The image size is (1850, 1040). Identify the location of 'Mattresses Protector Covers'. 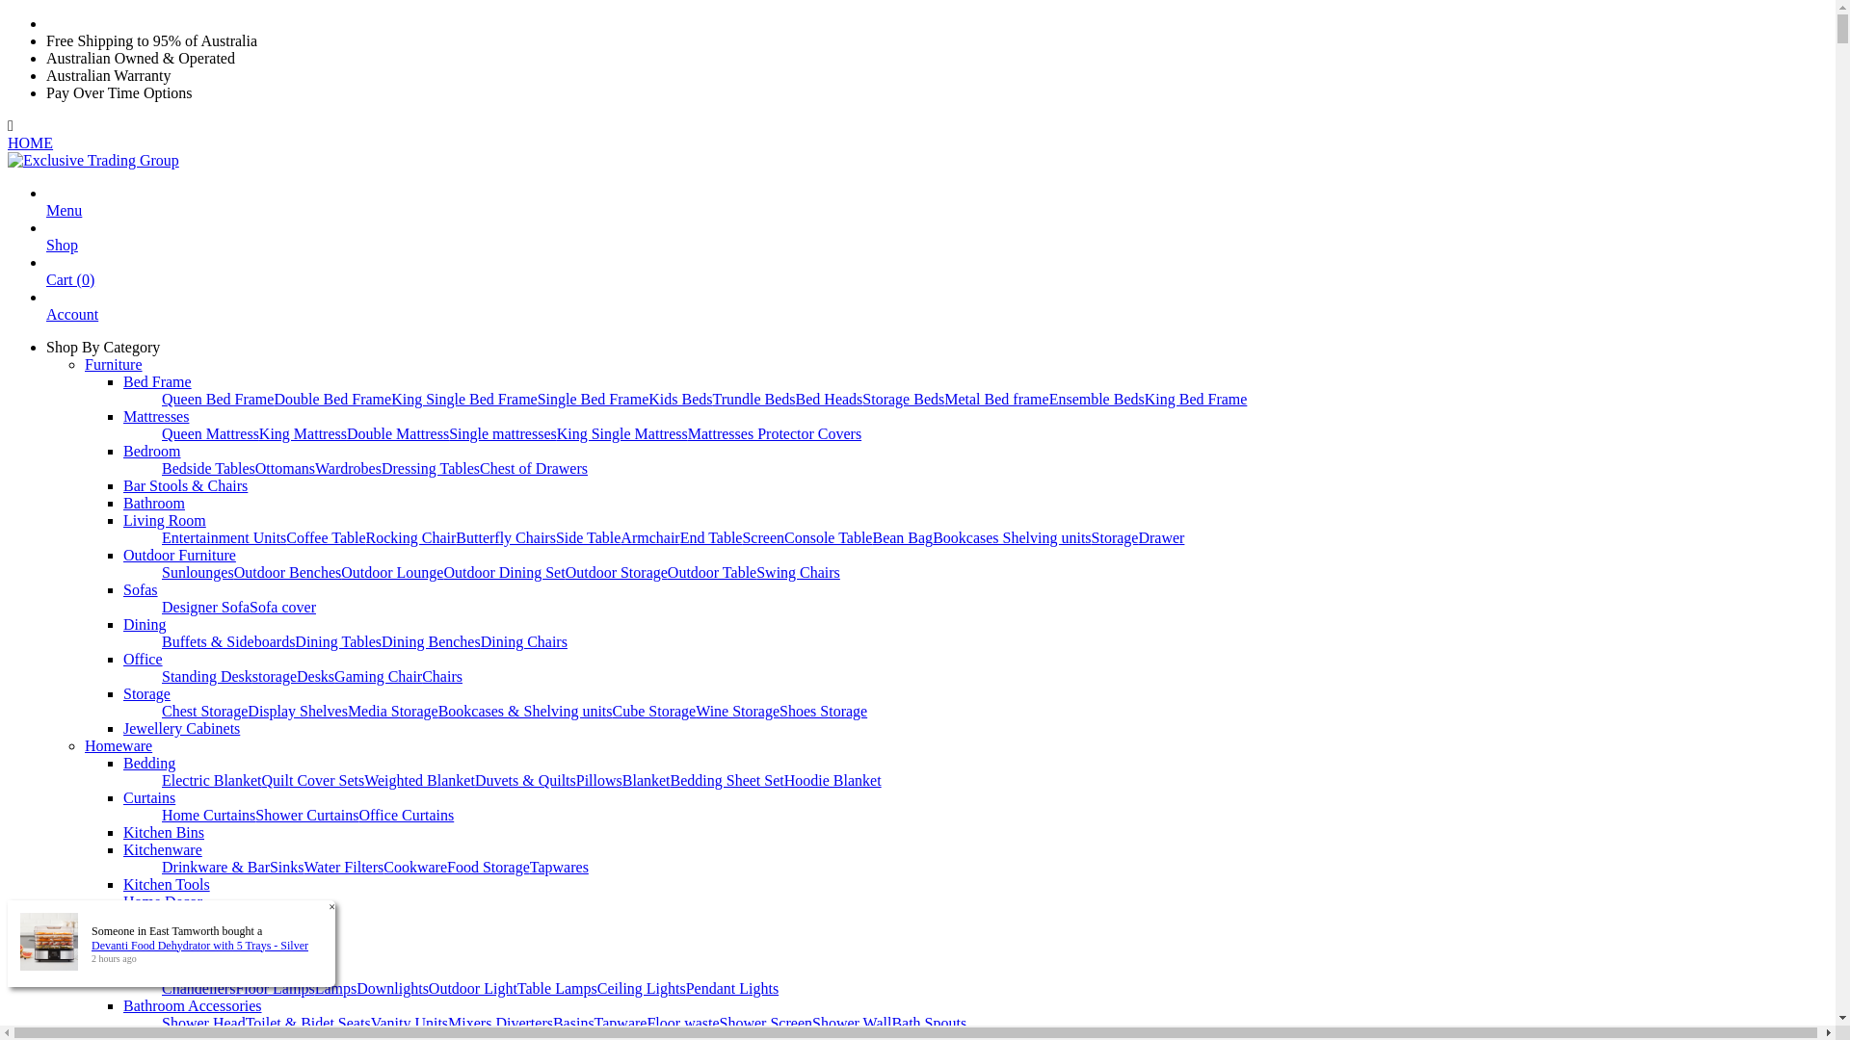
(775, 433).